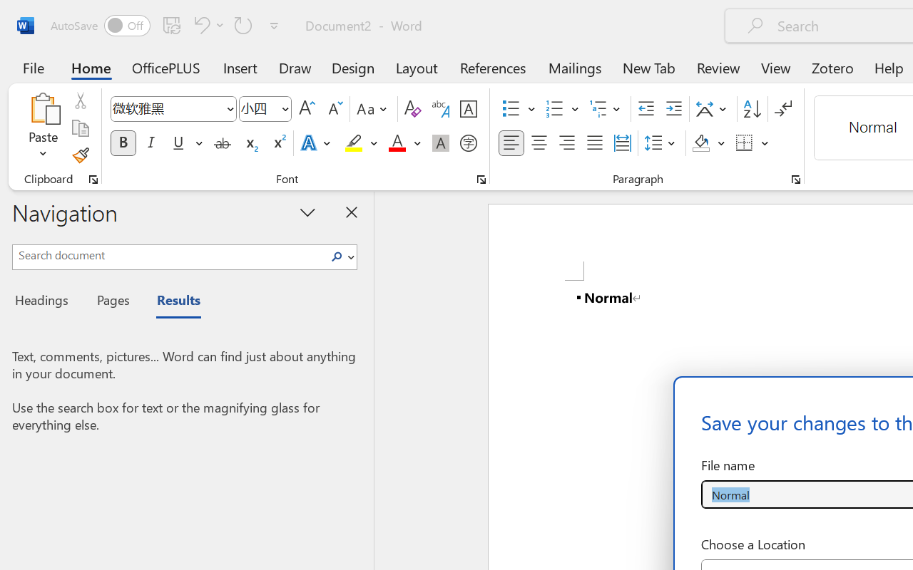  Describe the element at coordinates (518, 109) in the screenshot. I see `'Bullets'` at that location.